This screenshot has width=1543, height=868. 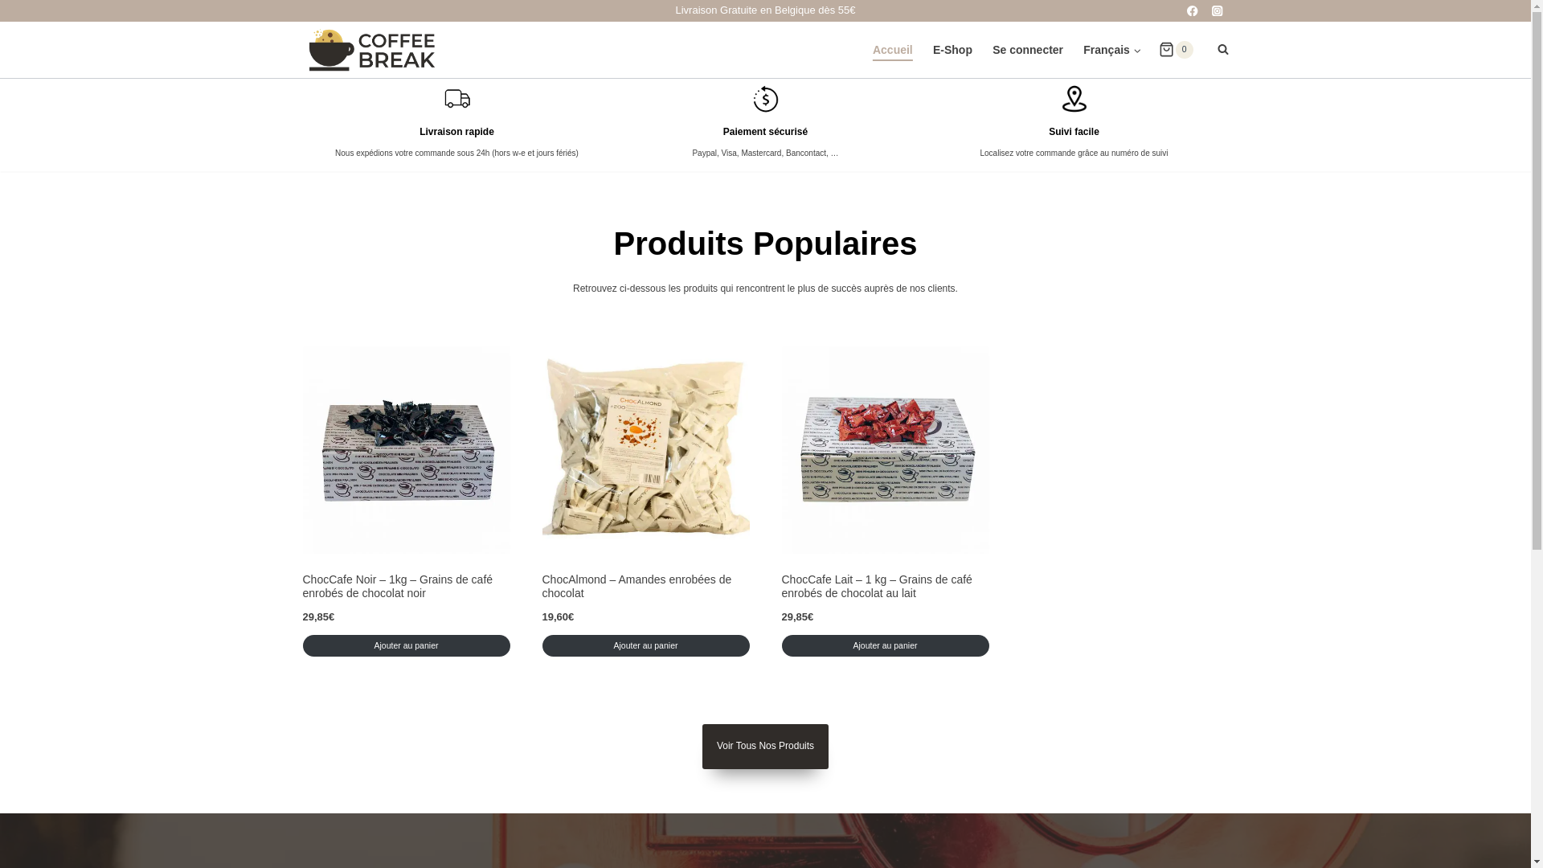 I want to click on 'Ajouter au panier', so click(x=645, y=645).